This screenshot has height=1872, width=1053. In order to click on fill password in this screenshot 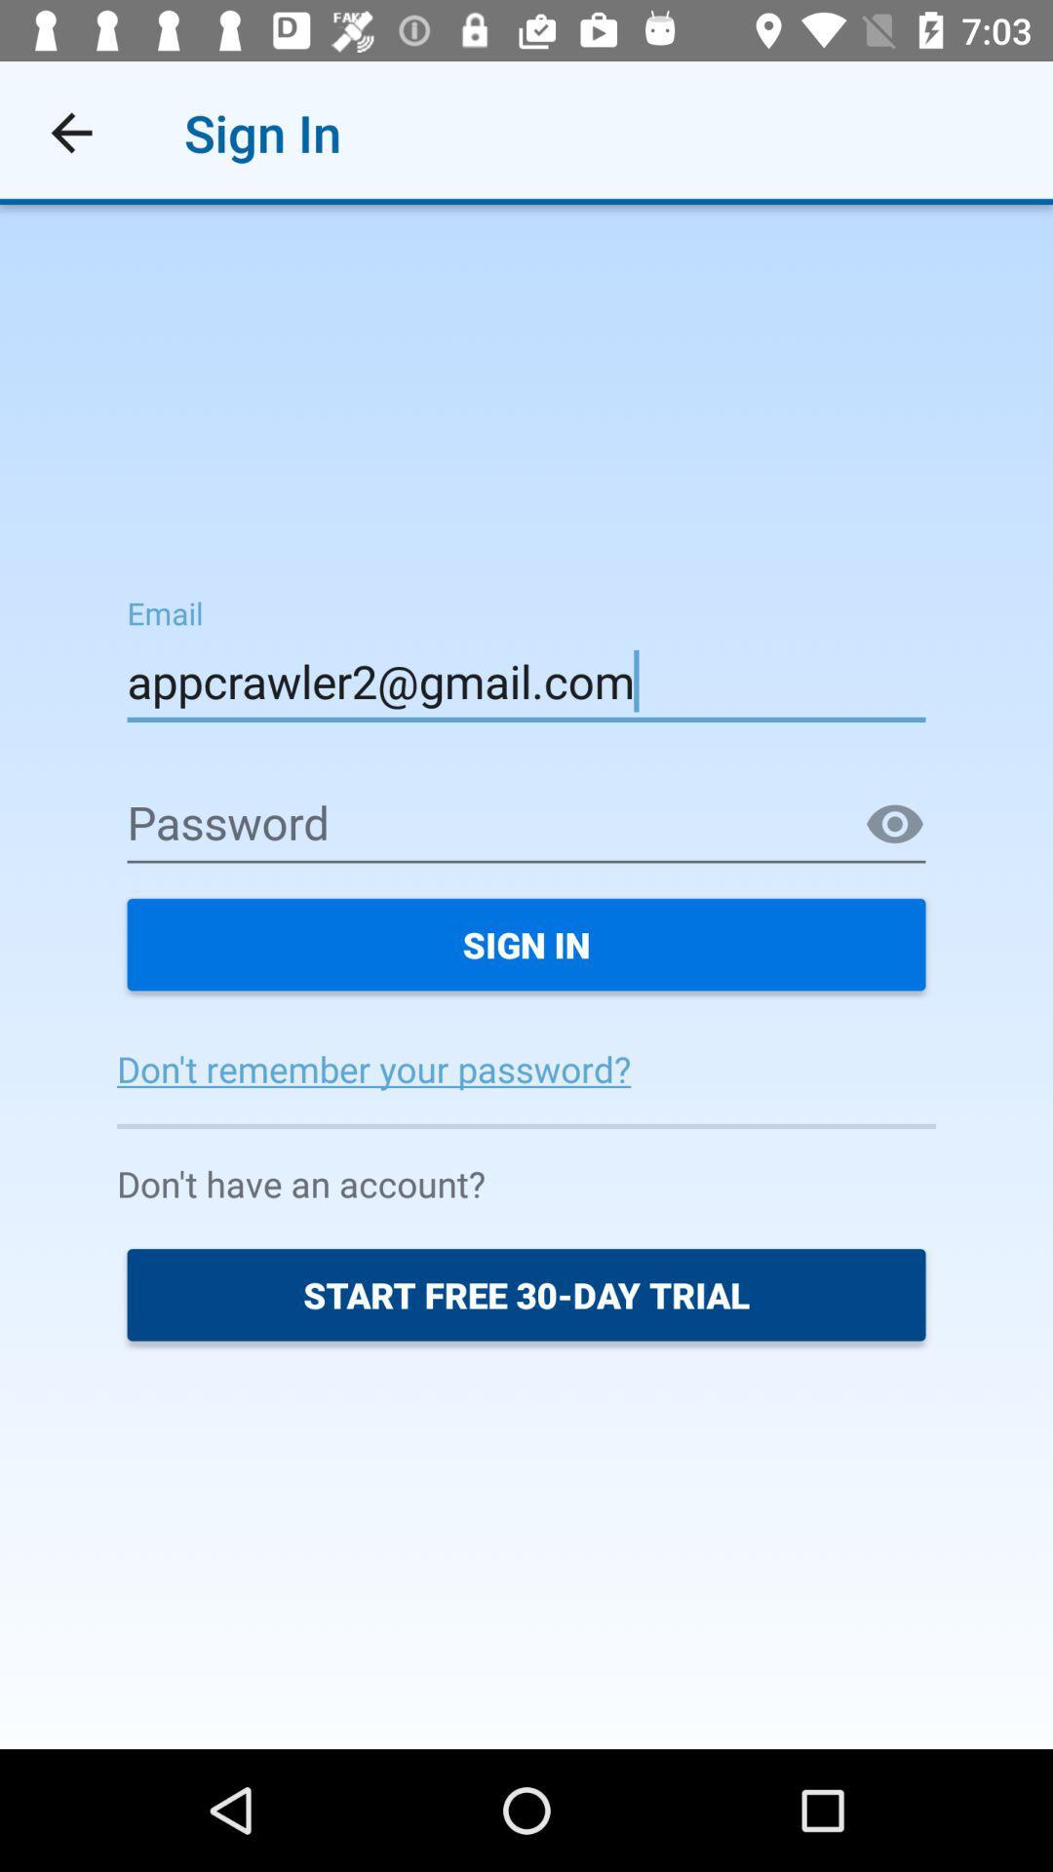, I will do `click(526, 825)`.